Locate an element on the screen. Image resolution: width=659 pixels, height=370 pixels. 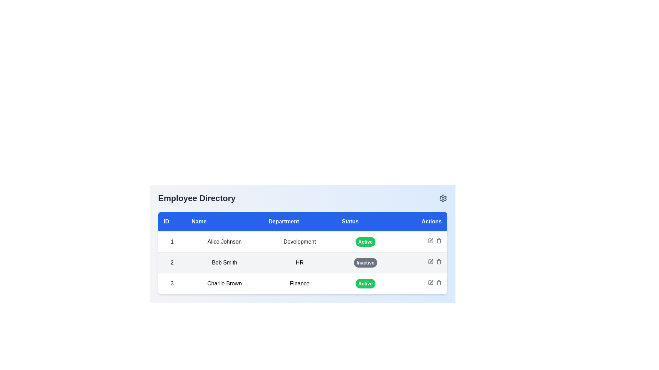
the trash can icon located in the 'Actions' column of the second row in the data table is located at coordinates (438, 241).